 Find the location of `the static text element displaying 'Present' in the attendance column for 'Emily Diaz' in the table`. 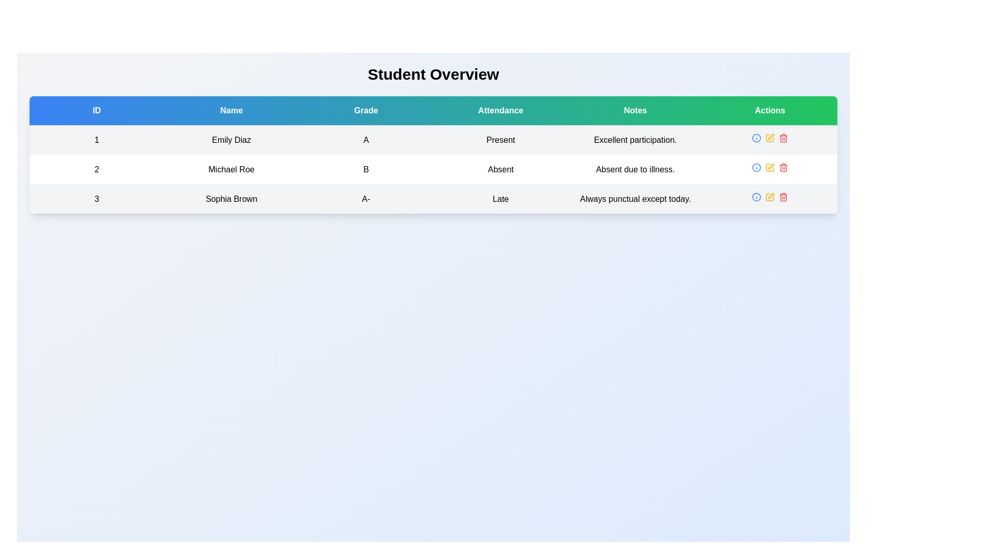

the static text element displaying 'Present' in the attendance column for 'Emily Diaz' in the table is located at coordinates (501, 140).